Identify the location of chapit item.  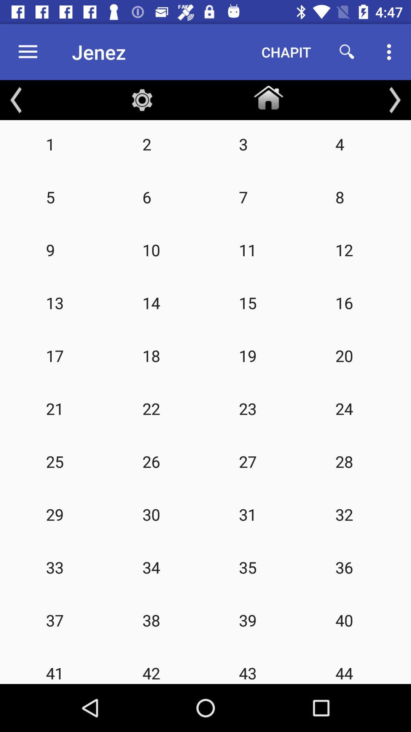
(286, 51).